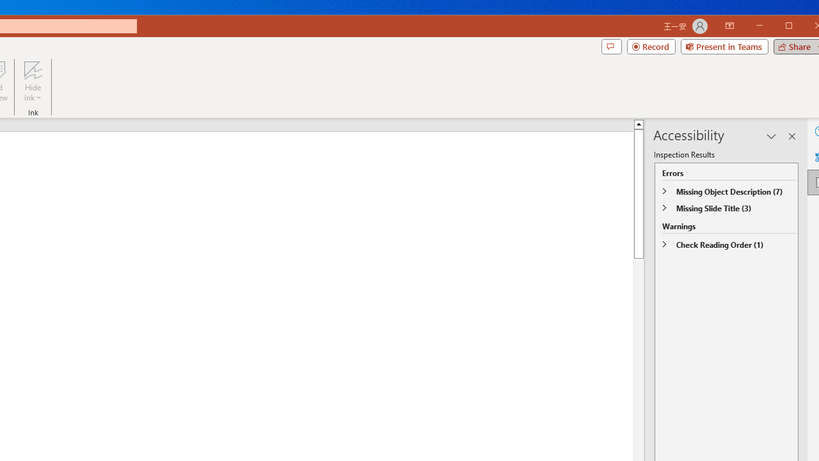  Describe the element at coordinates (807, 27) in the screenshot. I see `'Maximize'` at that location.